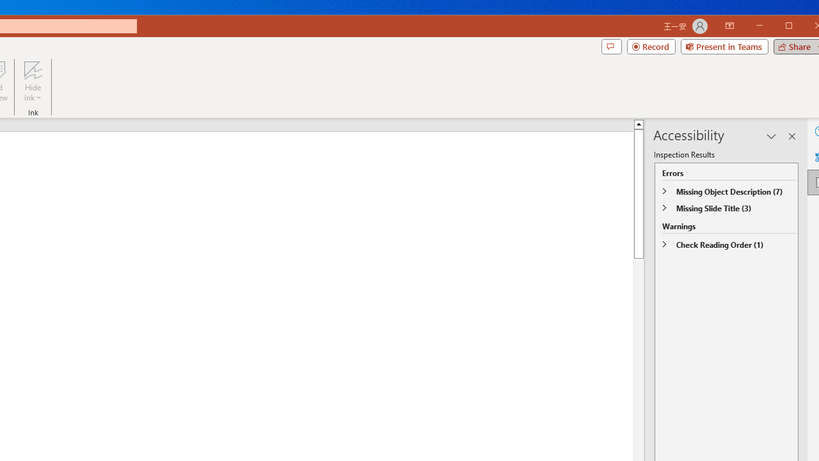  Describe the element at coordinates (807, 27) in the screenshot. I see `'Maximize'` at that location.